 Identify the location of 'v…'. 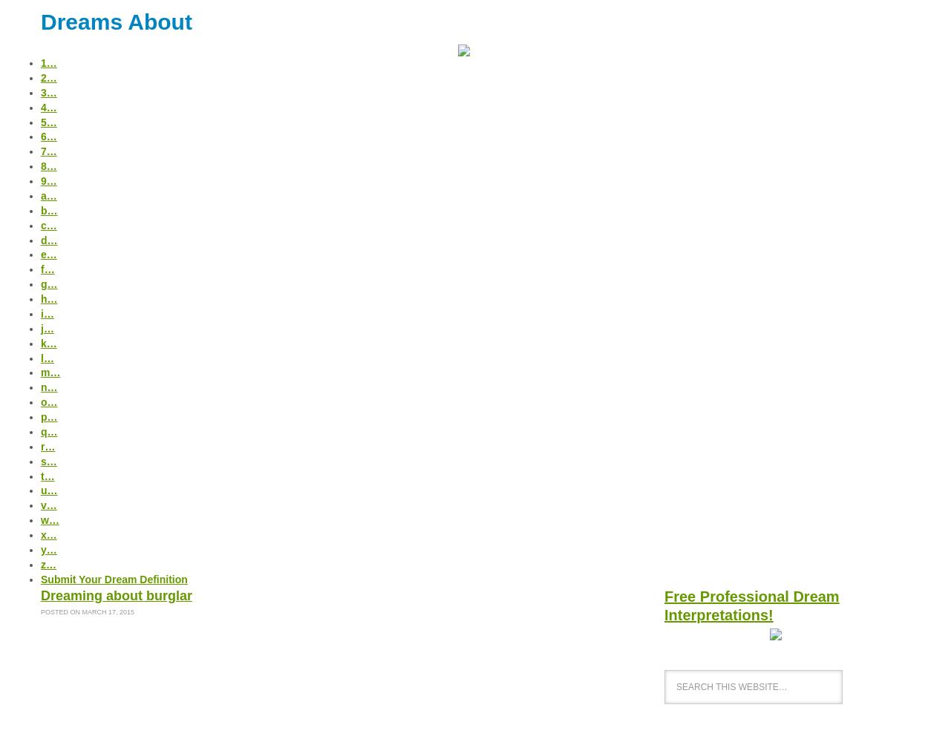
(41, 505).